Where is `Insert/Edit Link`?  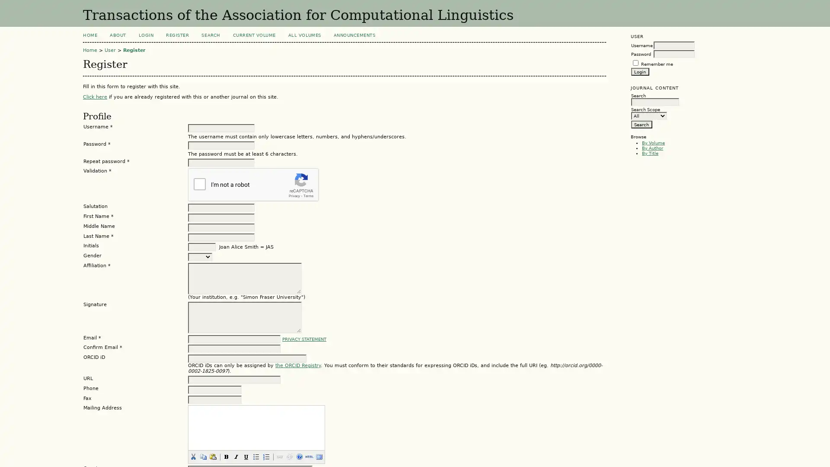
Insert/Edit Link is located at coordinates (279, 456).